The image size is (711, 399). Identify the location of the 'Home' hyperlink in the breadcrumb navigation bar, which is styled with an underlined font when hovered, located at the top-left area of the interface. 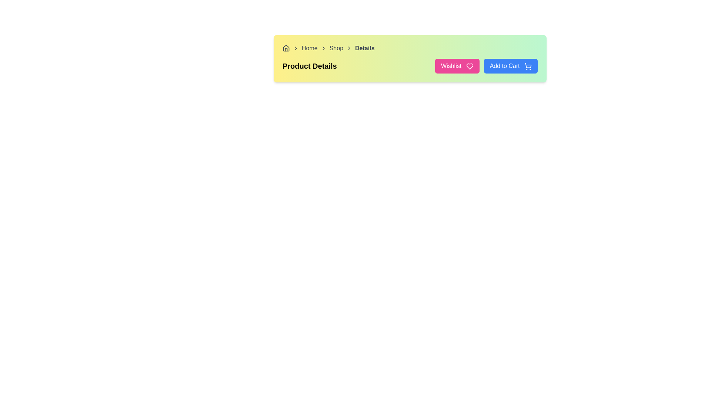
(310, 48).